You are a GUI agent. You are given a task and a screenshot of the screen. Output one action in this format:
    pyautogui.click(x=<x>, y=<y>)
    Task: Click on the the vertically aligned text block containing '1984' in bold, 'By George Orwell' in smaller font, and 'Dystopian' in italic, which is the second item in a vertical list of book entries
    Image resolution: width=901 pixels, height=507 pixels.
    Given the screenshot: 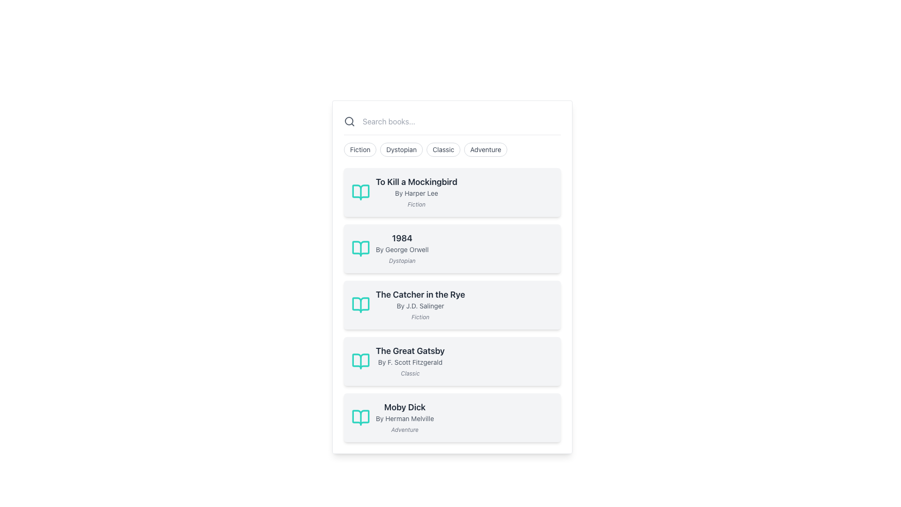 What is the action you would take?
    pyautogui.click(x=402, y=248)
    